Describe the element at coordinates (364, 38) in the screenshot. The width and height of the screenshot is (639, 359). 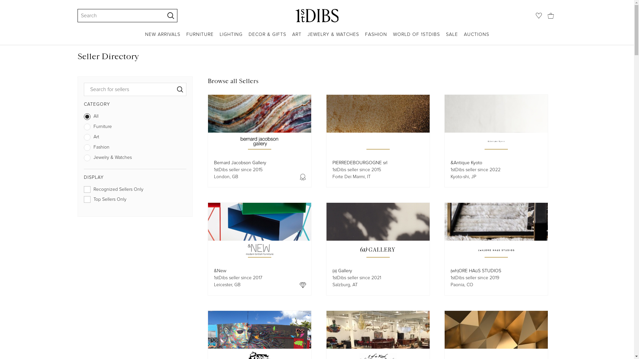
I see `'FASHION'` at that location.